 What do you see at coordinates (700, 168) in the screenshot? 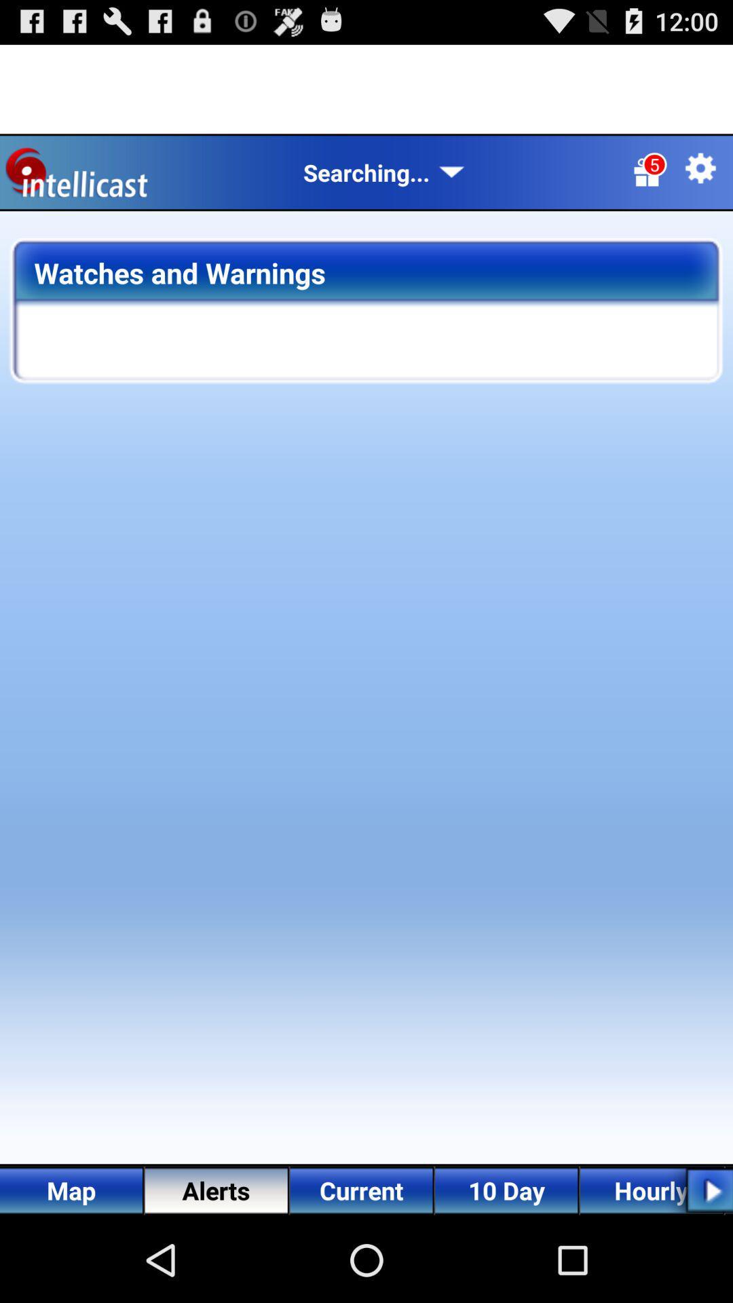
I see `the settings icon from the top right` at bounding box center [700, 168].